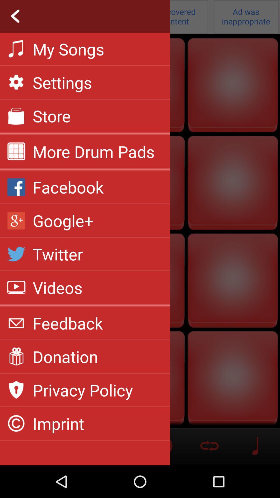 The image size is (280, 498). Describe the element at coordinates (85, 305) in the screenshot. I see `the app above feedback app` at that location.